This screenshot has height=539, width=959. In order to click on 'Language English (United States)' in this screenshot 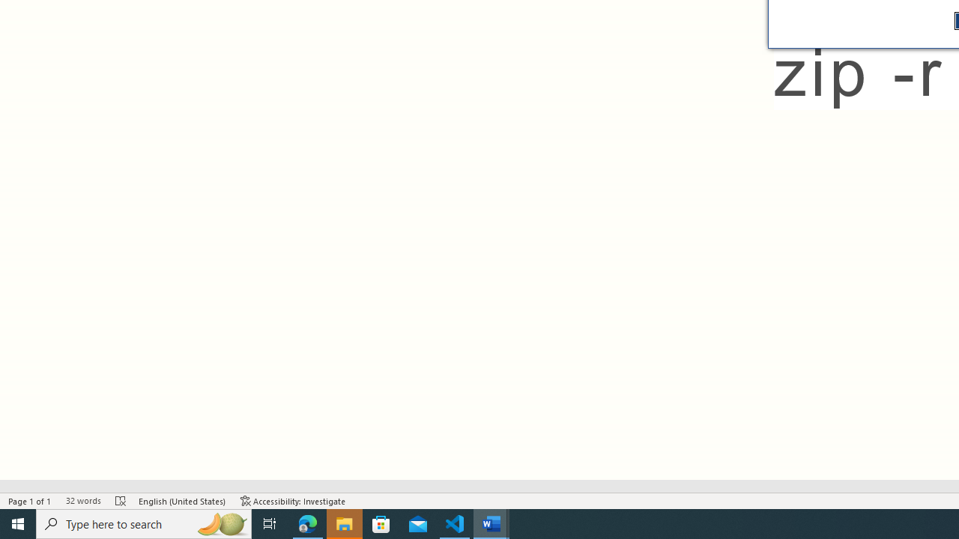, I will do `click(181, 501)`.